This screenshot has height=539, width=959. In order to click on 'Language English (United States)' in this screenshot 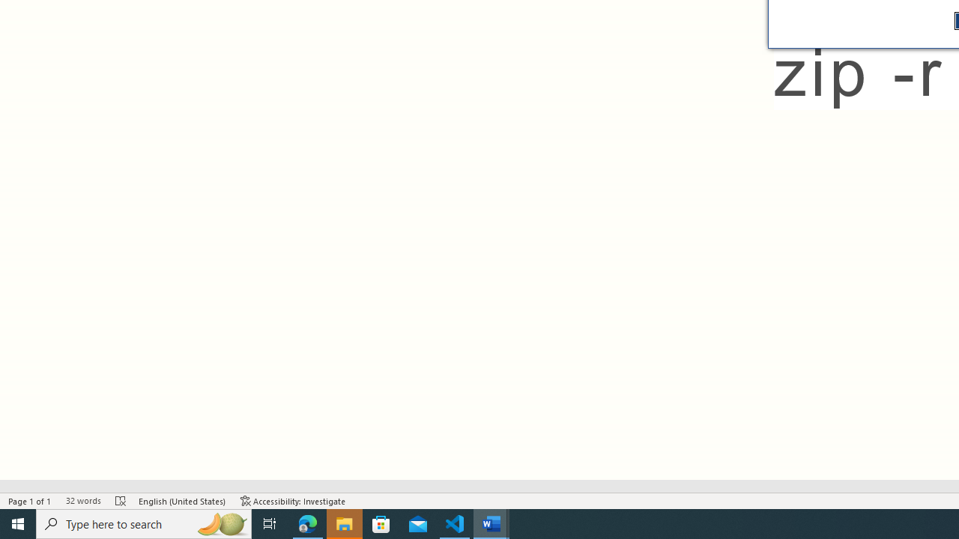, I will do `click(181, 501)`.